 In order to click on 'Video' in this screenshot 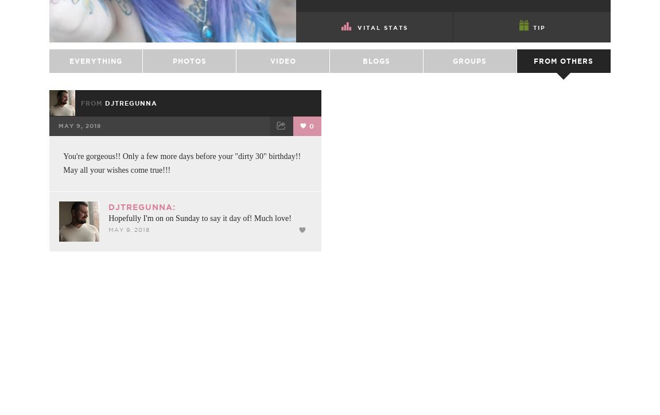, I will do `click(282, 89)`.